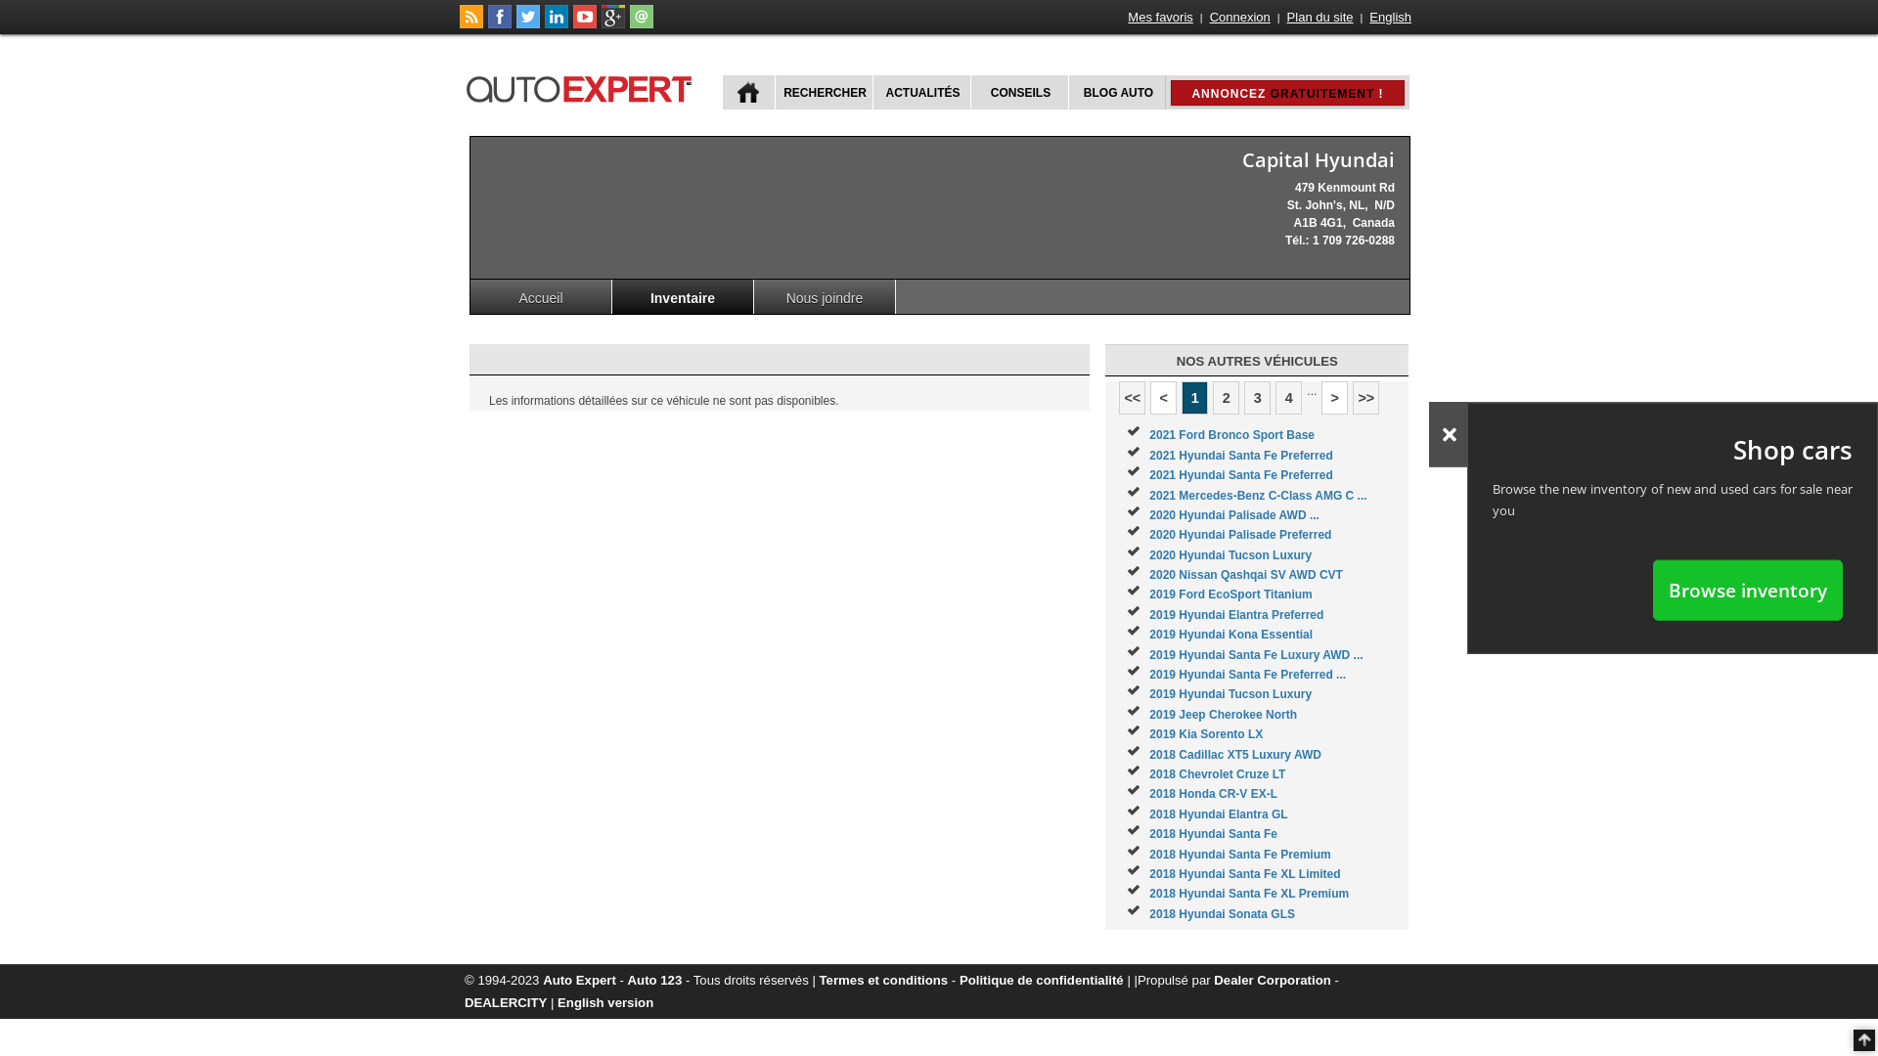 This screenshot has width=1878, height=1056. Describe the element at coordinates (610, 296) in the screenshot. I see `'Inventaire'` at that location.